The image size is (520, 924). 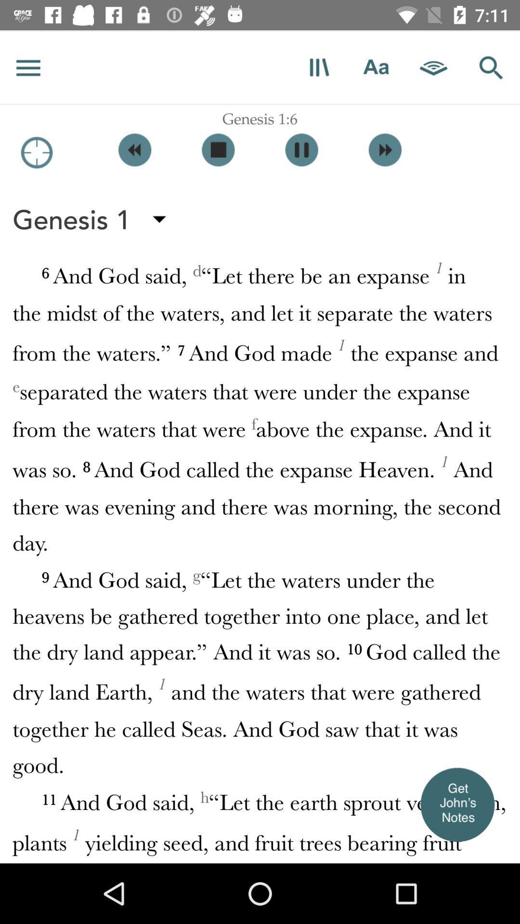 What do you see at coordinates (135, 149) in the screenshot?
I see `the av_rewind icon` at bounding box center [135, 149].